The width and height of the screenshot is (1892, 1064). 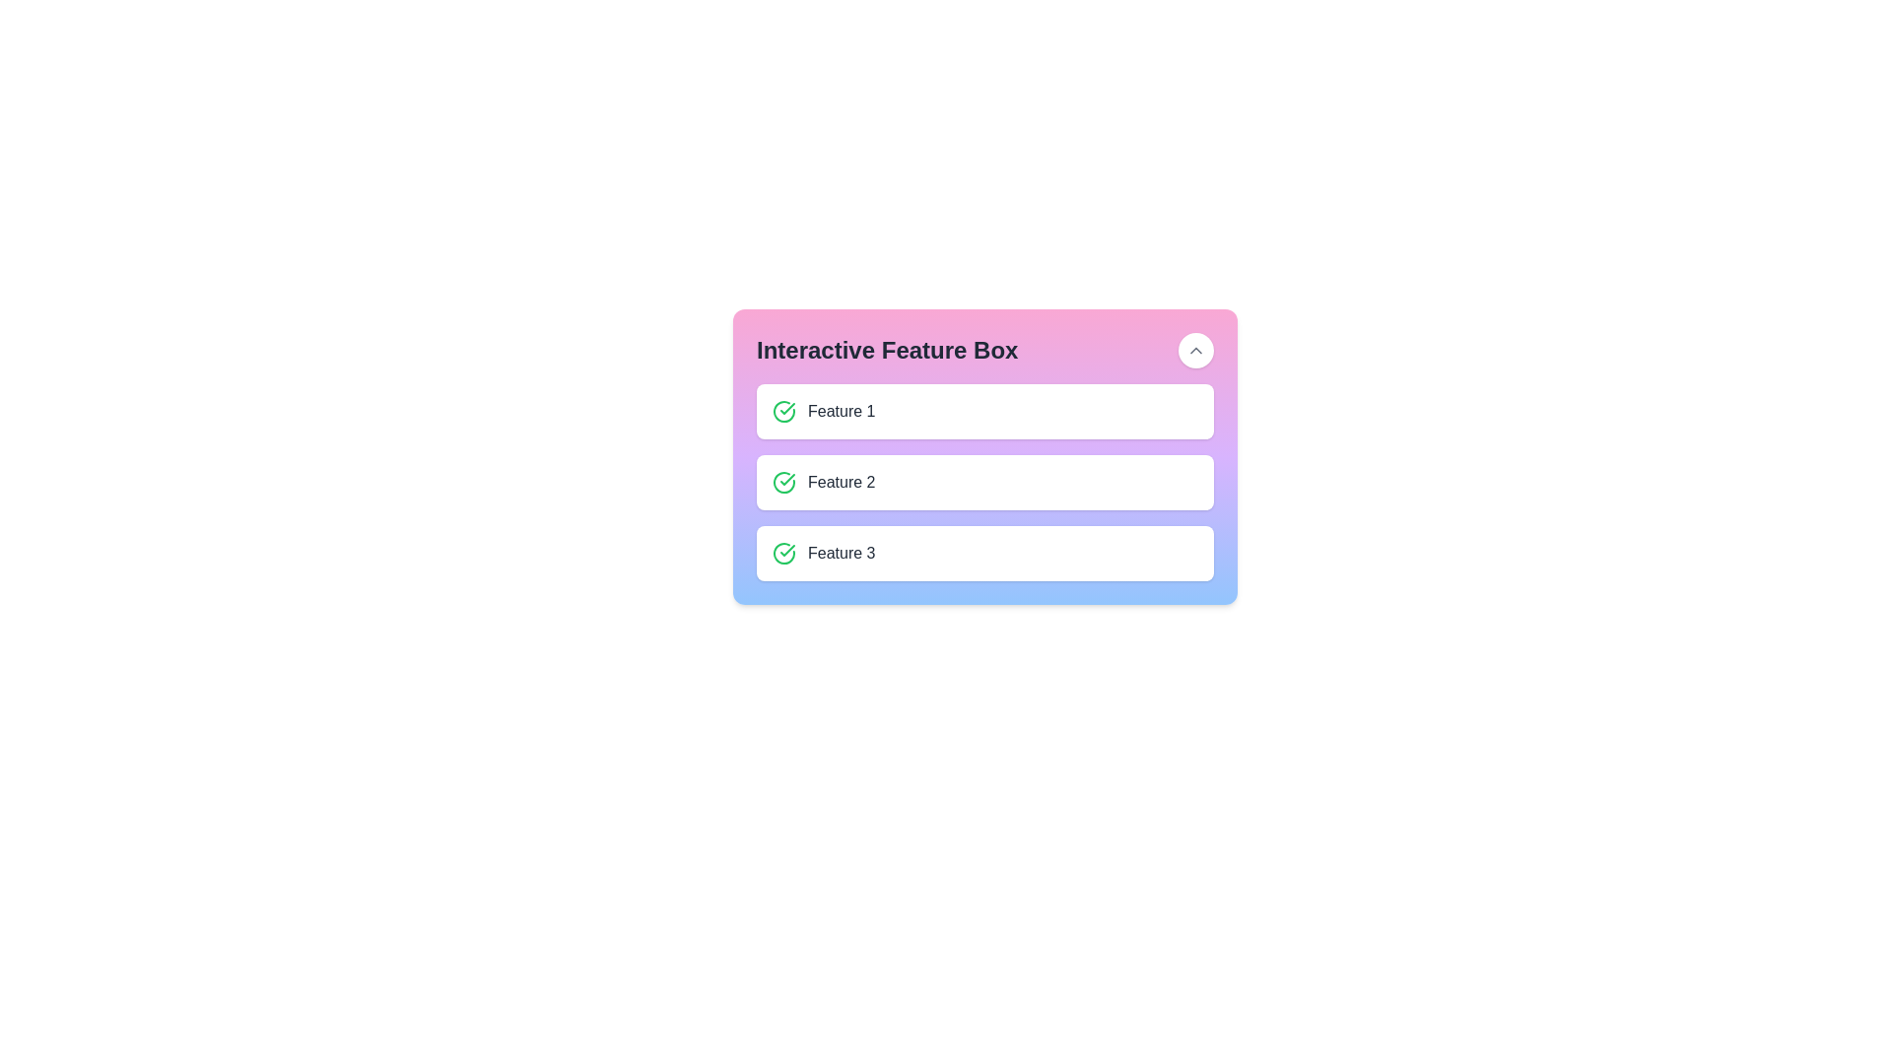 I want to click on the green circular check icon that represents confirmation for the list item labeled 'Feature 2', positioned in the middle of the vertically stacked list, so click(x=783, y=482).